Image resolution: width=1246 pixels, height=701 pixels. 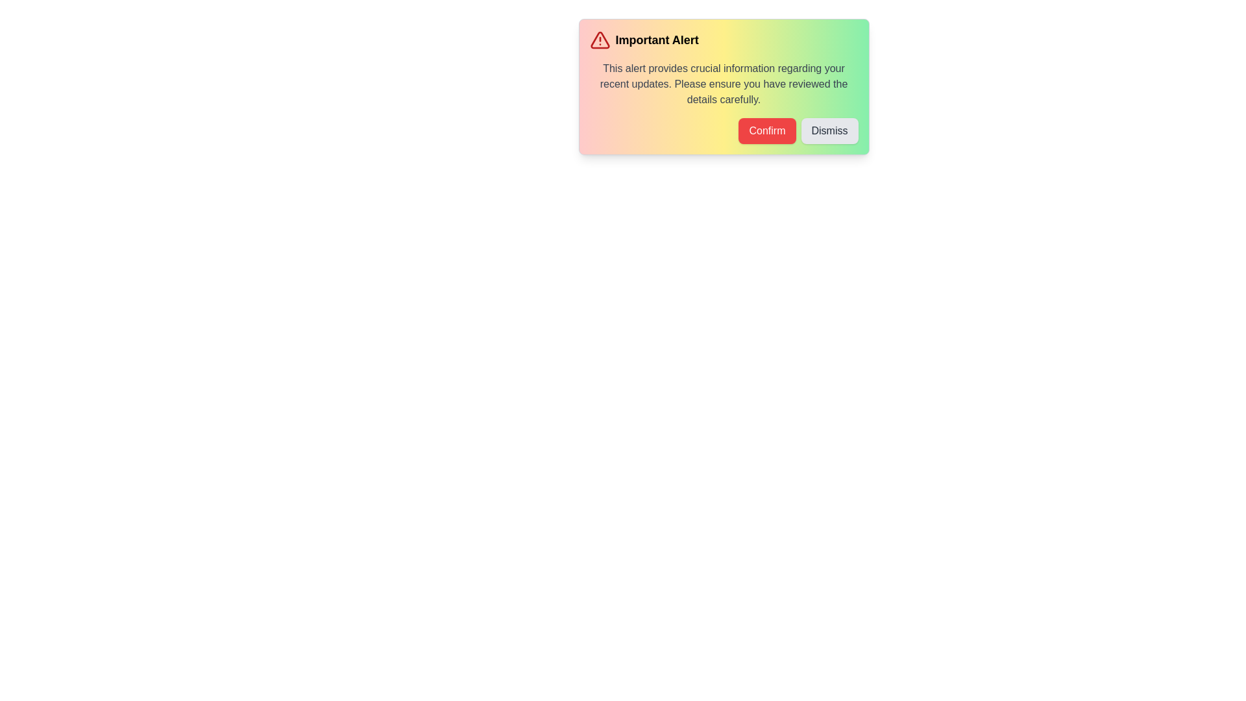 I want to click on the buttons in the bottom-right area of the alert notification box to trigger a color change, so click(x=723, y=130).